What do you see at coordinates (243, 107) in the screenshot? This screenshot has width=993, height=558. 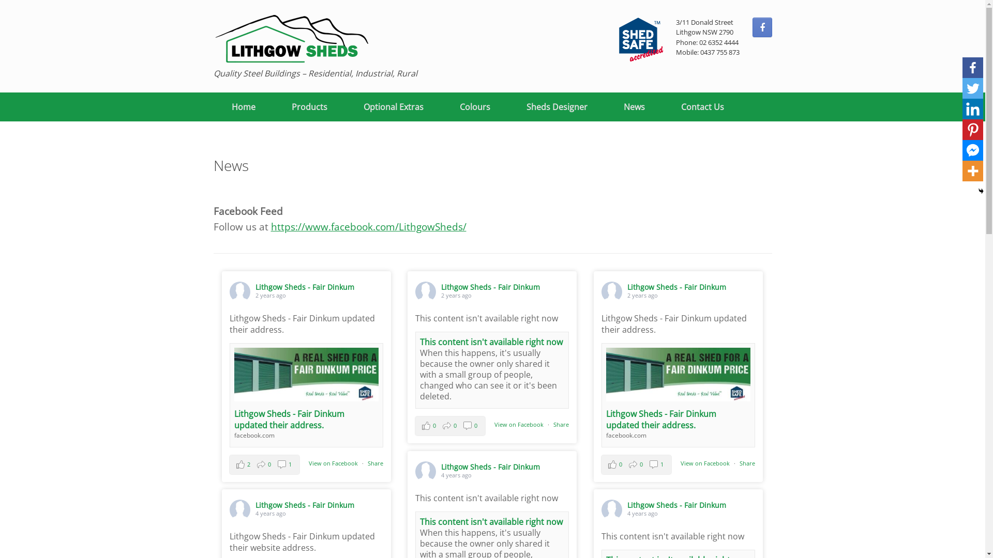 I see `'Home'` at bounding box center [243, 107].